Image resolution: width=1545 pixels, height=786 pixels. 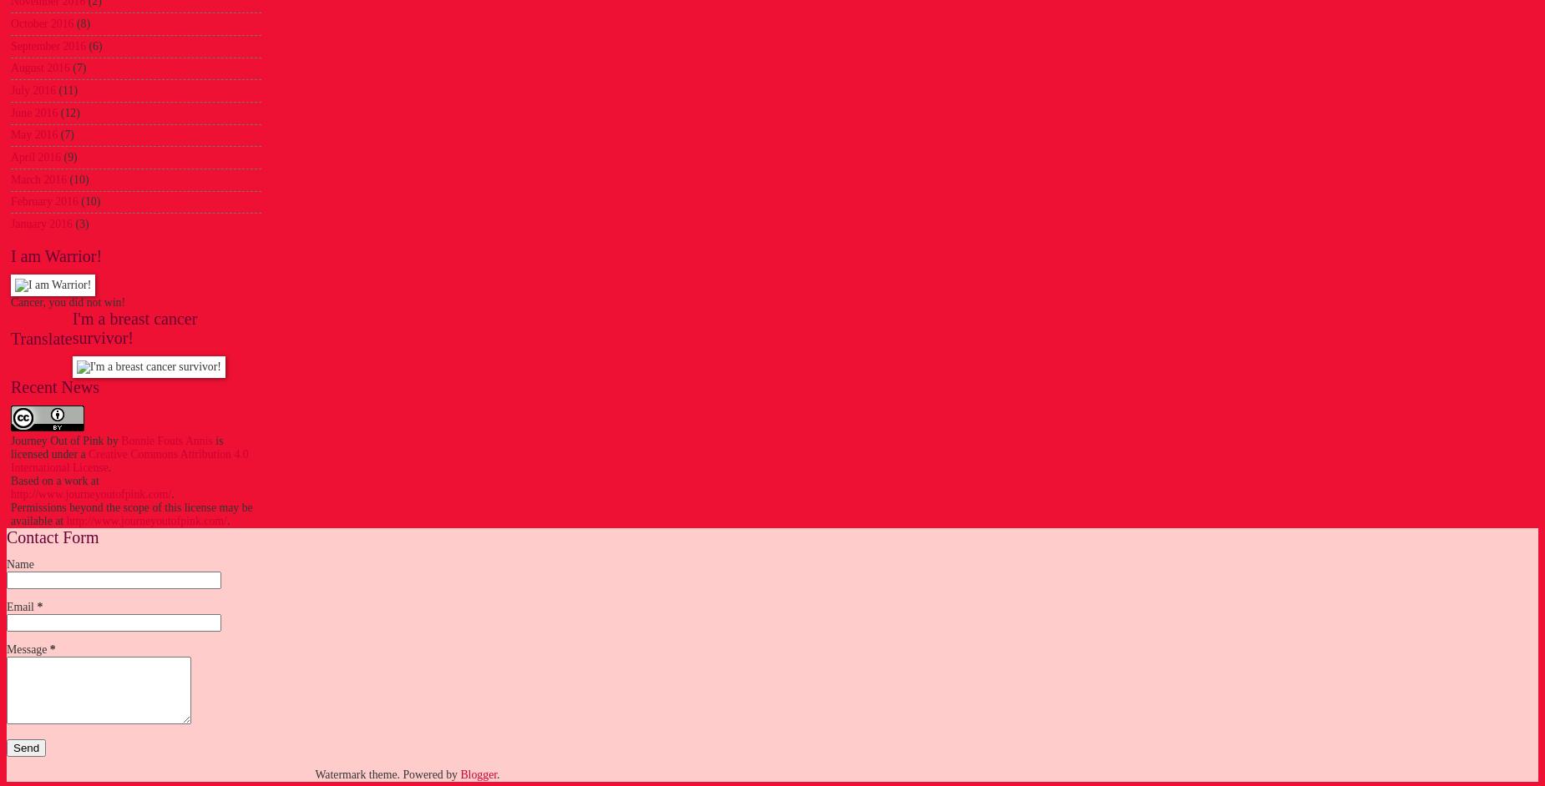 What do you see at coordinates (67, 300) in the screenshot?
I see `'Cancer, you did not win!'` at bounding box center [67, 300].